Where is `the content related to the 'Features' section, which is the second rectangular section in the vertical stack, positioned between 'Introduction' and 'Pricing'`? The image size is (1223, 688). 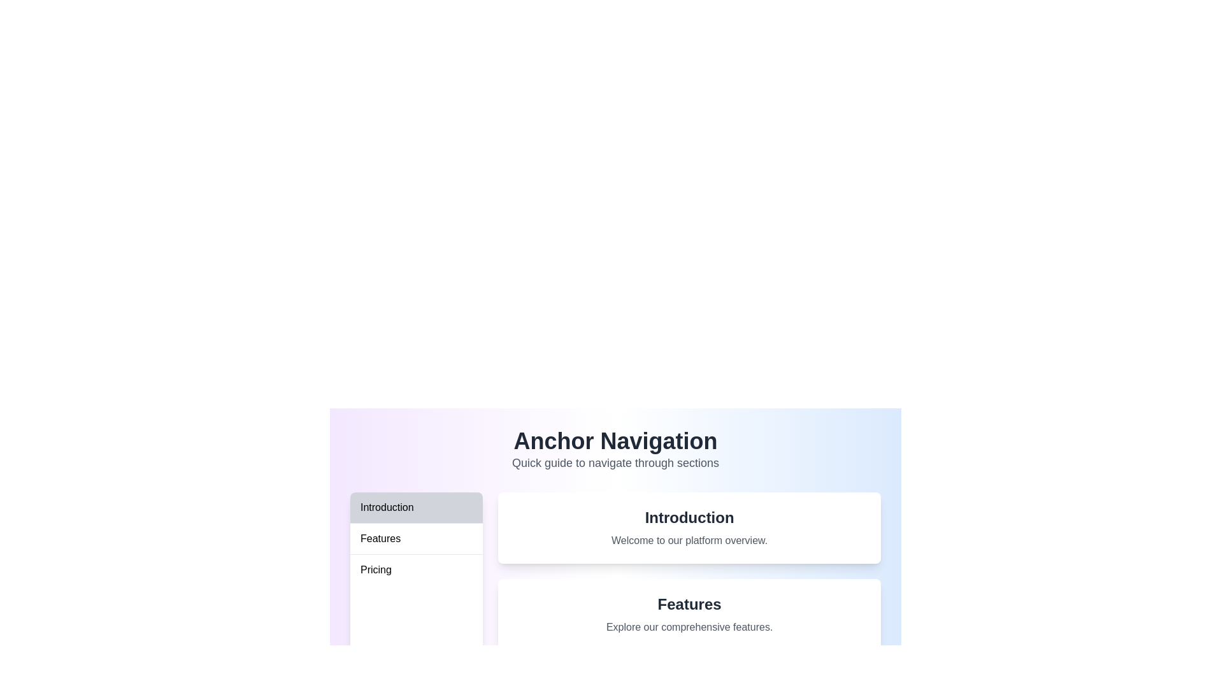 the content related to the 'Features' section, which is the second rectangular section in the vertical stack, positioned between 'Introduction' and 'Pricing' is located at coordinates (689, 613).